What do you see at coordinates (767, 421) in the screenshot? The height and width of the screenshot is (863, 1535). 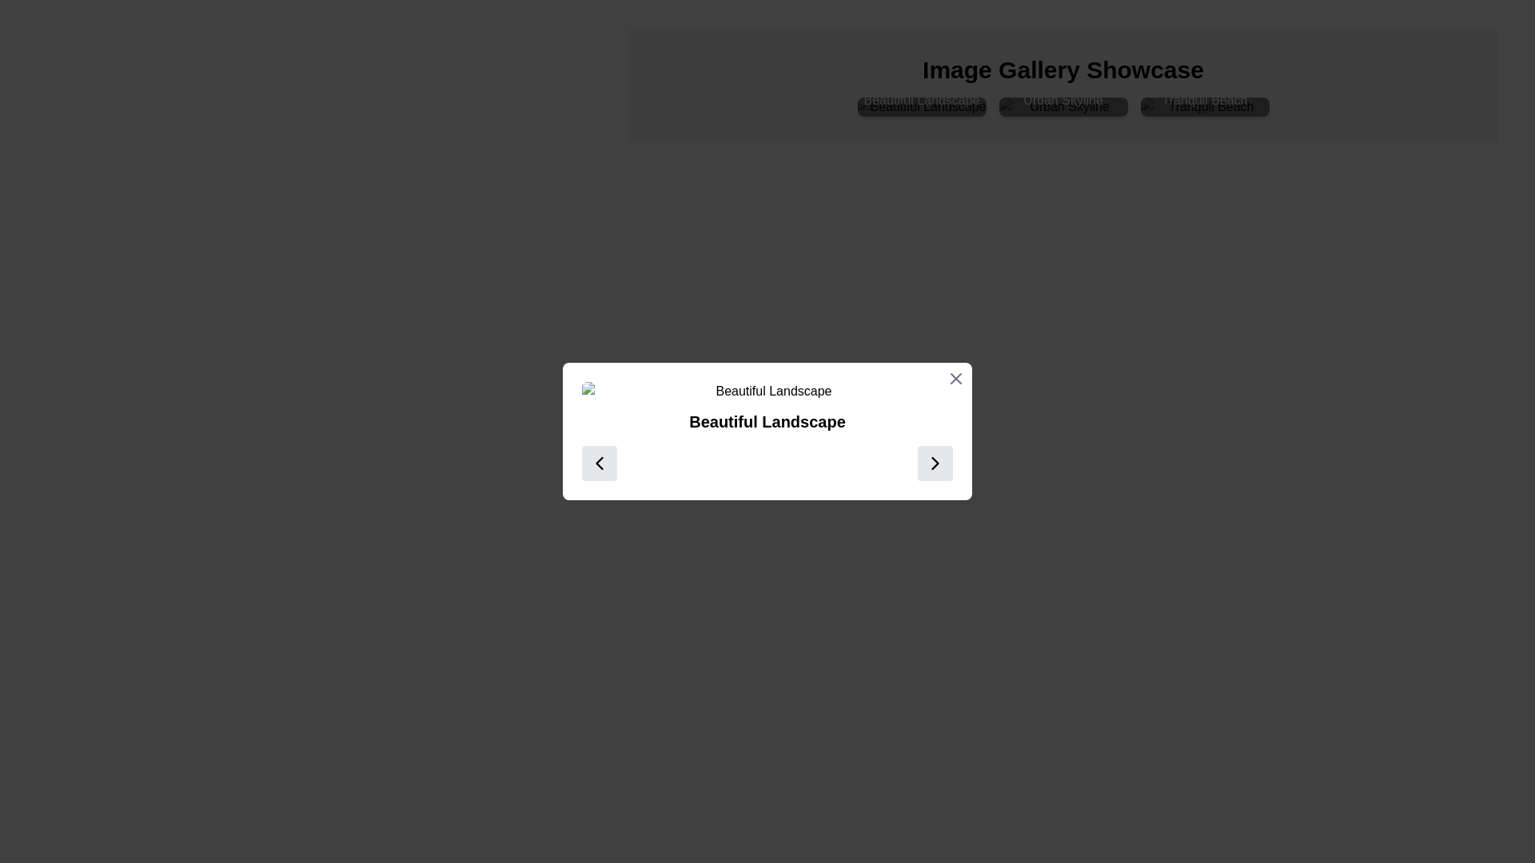 I see `the Text label that displays the title or description of the currently showcased image in the dialog box, which is centrally located below the image and above navigation buttons` at bounding box center [767, 421].